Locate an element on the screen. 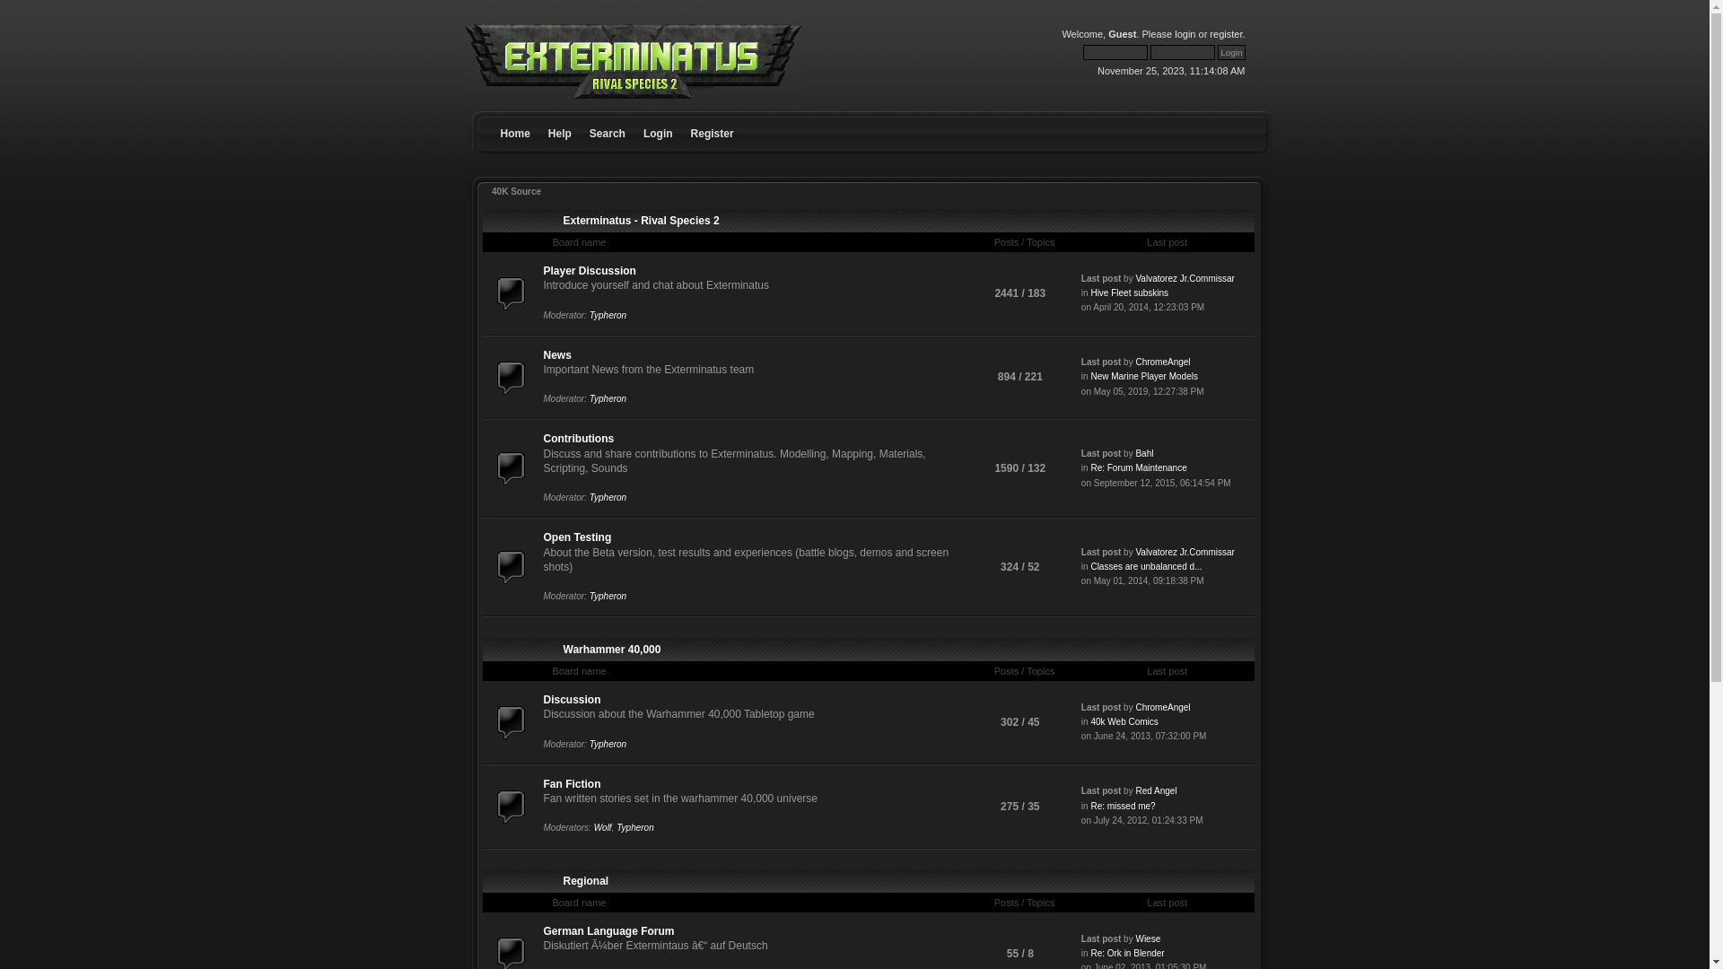 This screenshot has height=969, width=1723. 'Valvatorez Jr.Commissar' is located at coordinates (1185, 551).